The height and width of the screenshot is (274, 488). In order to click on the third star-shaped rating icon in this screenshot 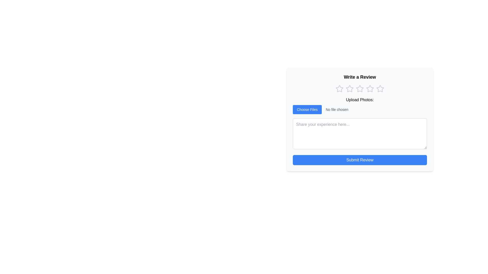, I will do `click(360, 88)`.